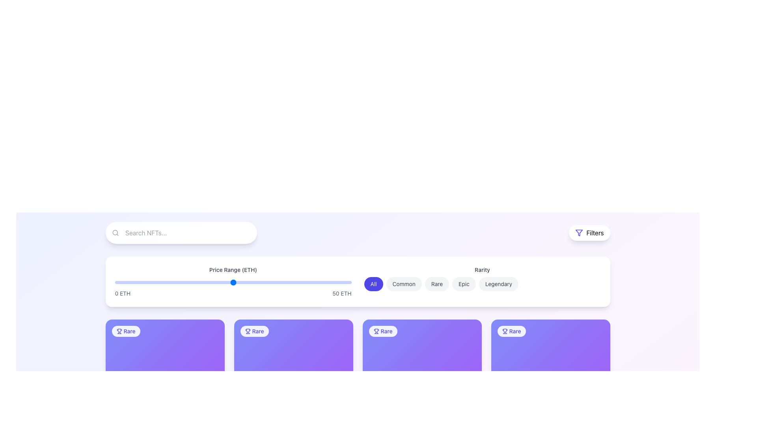 The width and height of the screenshot is (757, 425). I want to click on the 'Rare' button, which is a rounded rectangular badge with a light gray background and dark gray text, so click(436, 284).